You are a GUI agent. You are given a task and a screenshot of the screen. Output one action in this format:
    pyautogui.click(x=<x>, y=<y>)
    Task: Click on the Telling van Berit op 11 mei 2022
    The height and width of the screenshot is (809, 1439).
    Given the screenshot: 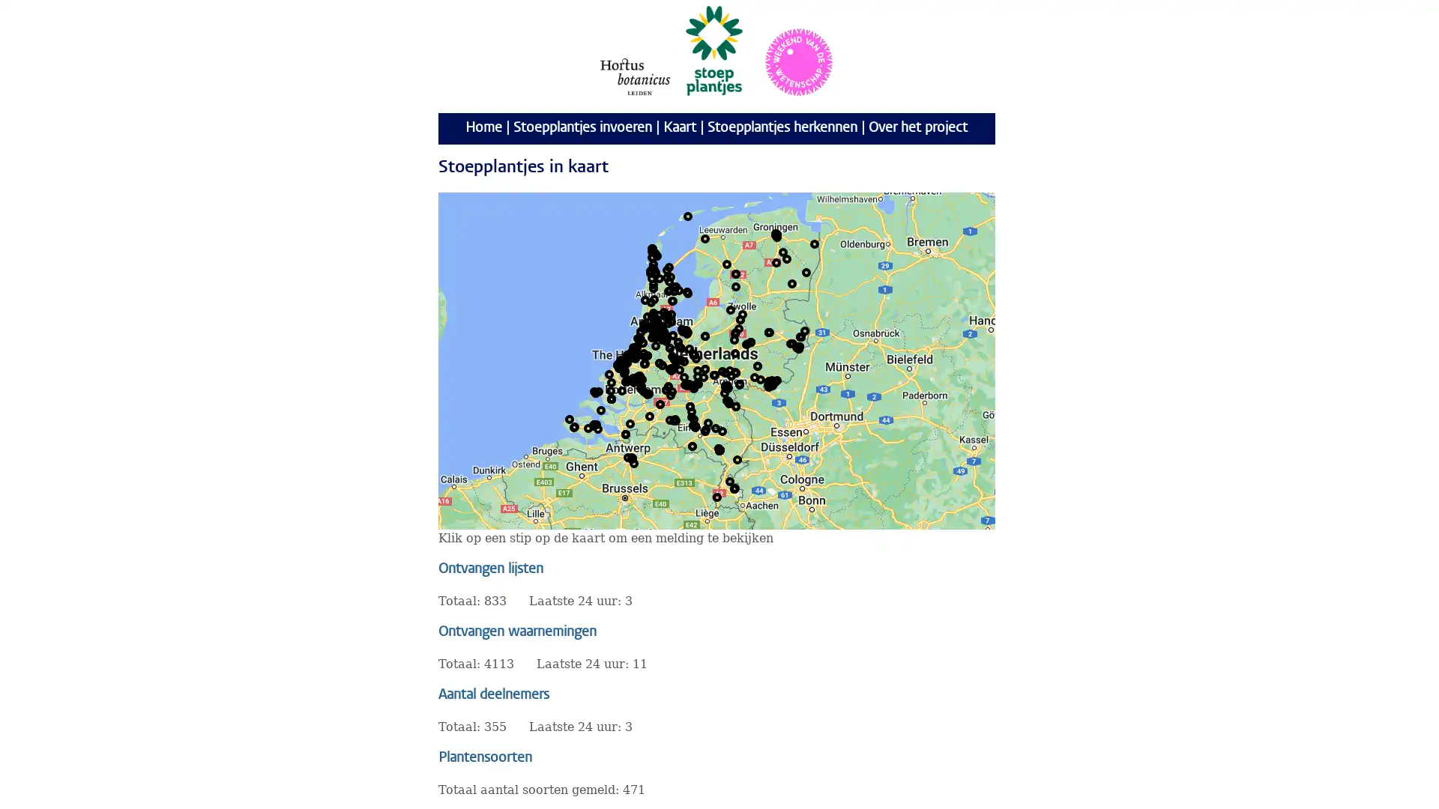 What is the action you would take?
    pyautogui.click(x=661, y=325)
    